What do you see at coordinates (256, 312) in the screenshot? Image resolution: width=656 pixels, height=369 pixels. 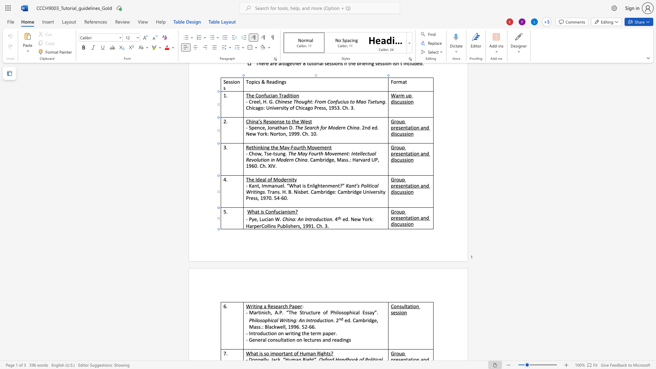 I see `the space between the continuous character "a" and "r" in the text` at bounding box center [256, 312].